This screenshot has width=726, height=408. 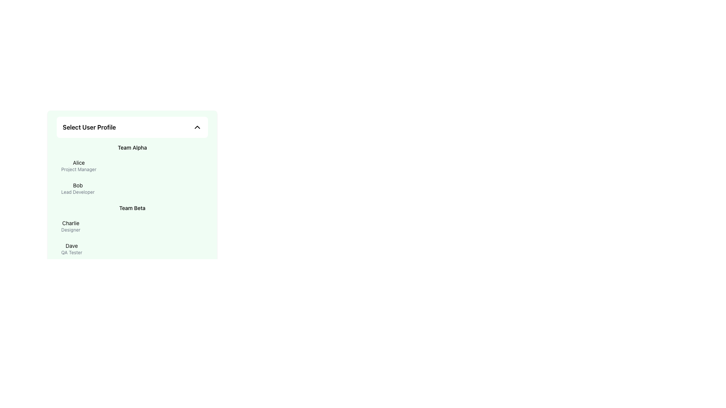 I want to click on the text label that reads 'Project Manager', which is styled in a small gray font and located below 'Alice' in the 'Team Alpha' section of the user profile selection interface, so click(x=79, y=169).